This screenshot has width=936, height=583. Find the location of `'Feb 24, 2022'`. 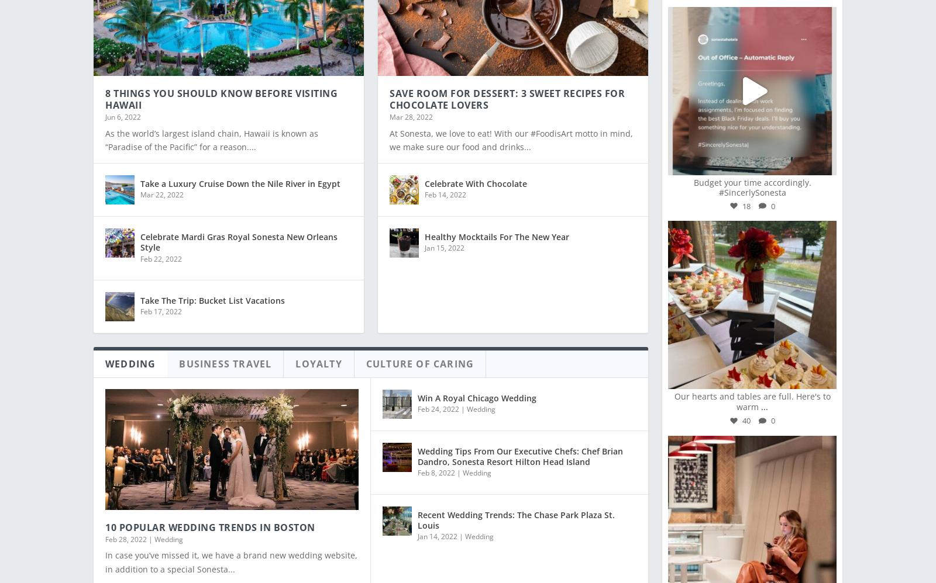

'Feb 24, 2022' is located at coordinates (438, 400).